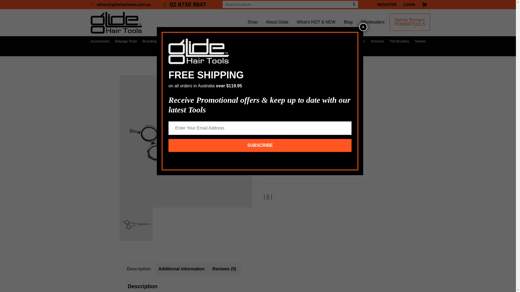 This screenshot has height=292, width=520. What do you see at coordinates (244, 22) in the screenshot?
I see `'Shop'` at bounding box center [244, 22].